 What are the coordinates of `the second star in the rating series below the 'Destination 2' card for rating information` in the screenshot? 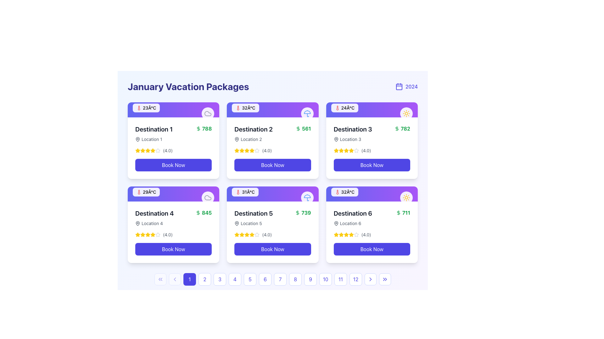 It's located at (252, 150).